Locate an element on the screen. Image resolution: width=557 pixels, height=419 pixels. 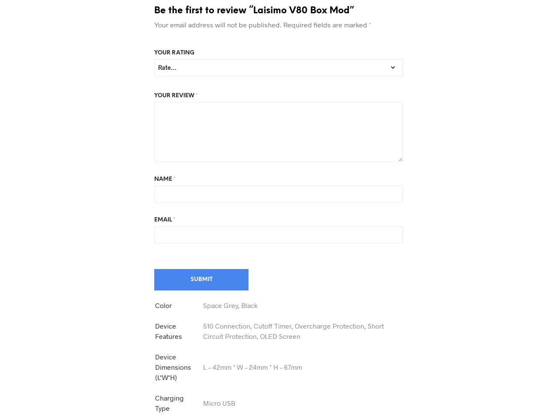
'Be the first to review “Laisimo V80 Box Mod”' is located at coordinates (153, 11).